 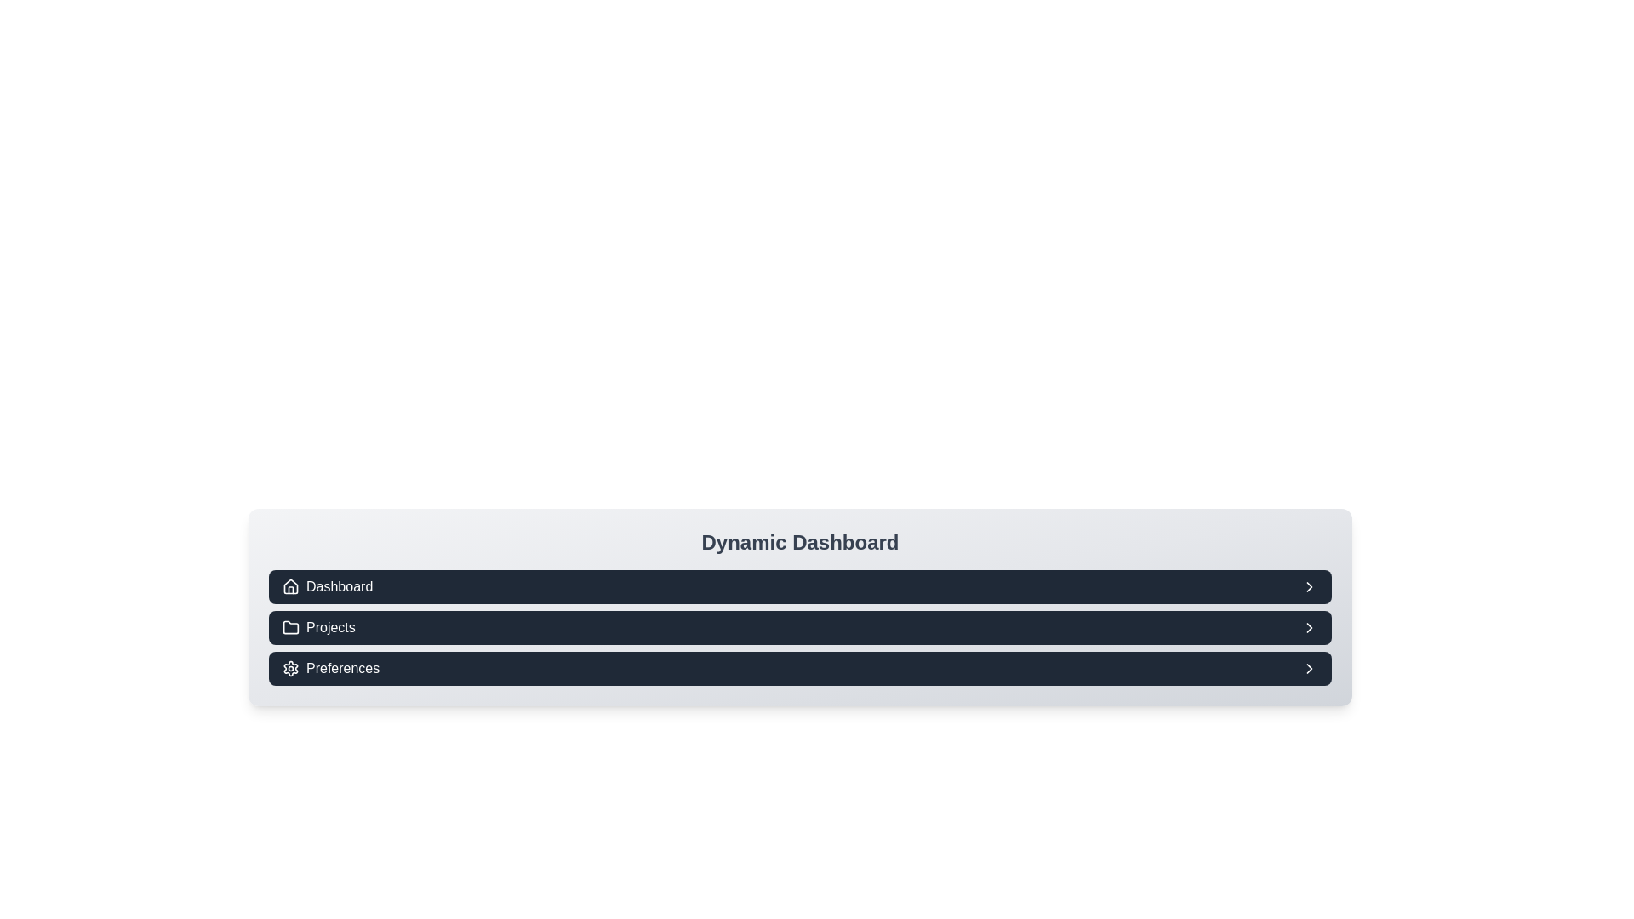 I want to click on the cog icon, which is a minimalist line-art style settings symbol located to the left of the text 'Preferences' in the Preferences list item, so click(x=290, y=668).